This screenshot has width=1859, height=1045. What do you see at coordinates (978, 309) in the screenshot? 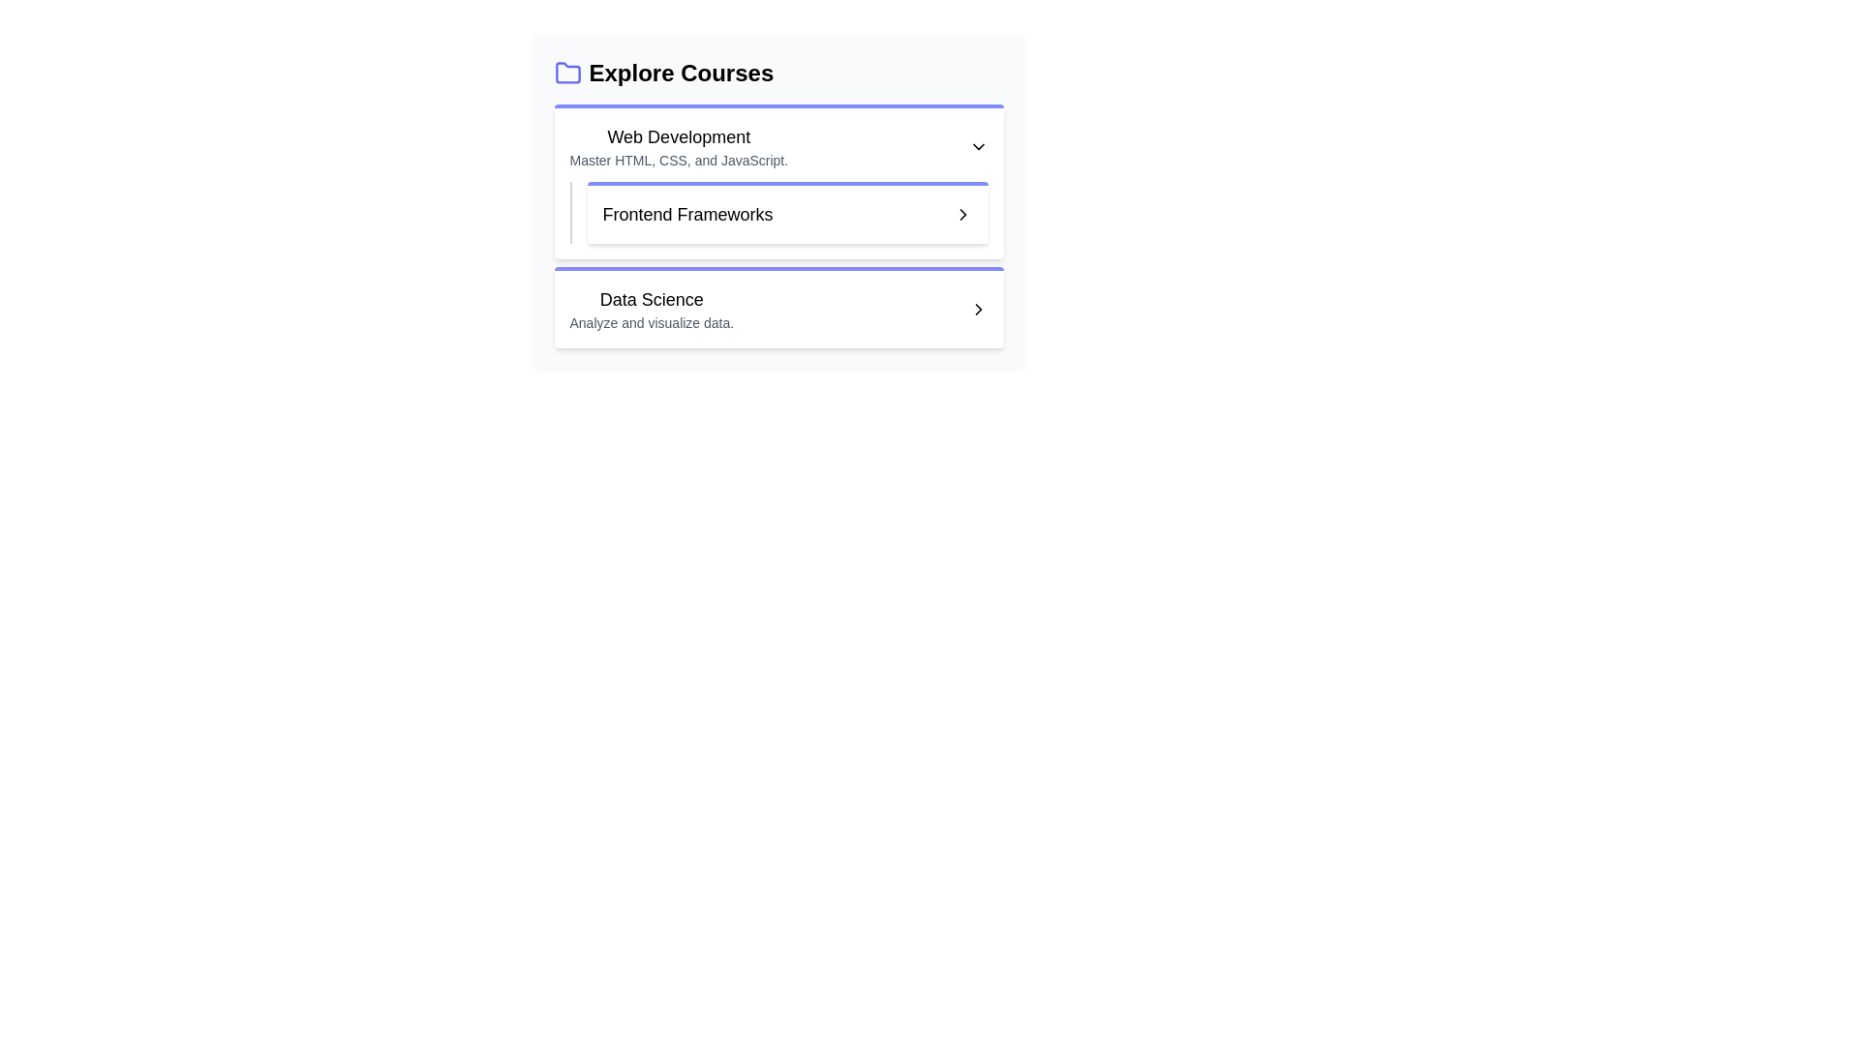
I see `the rightmost icon in the 'Data Science' section` at bounding box center [978, 309].